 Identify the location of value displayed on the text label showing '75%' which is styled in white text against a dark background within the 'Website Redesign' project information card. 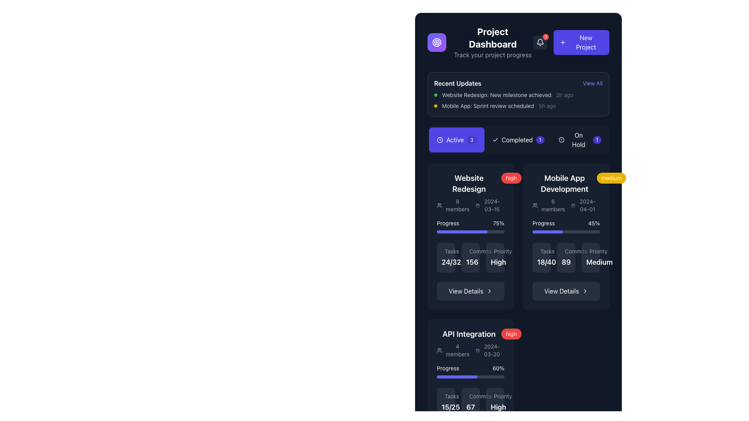
(498, 223).